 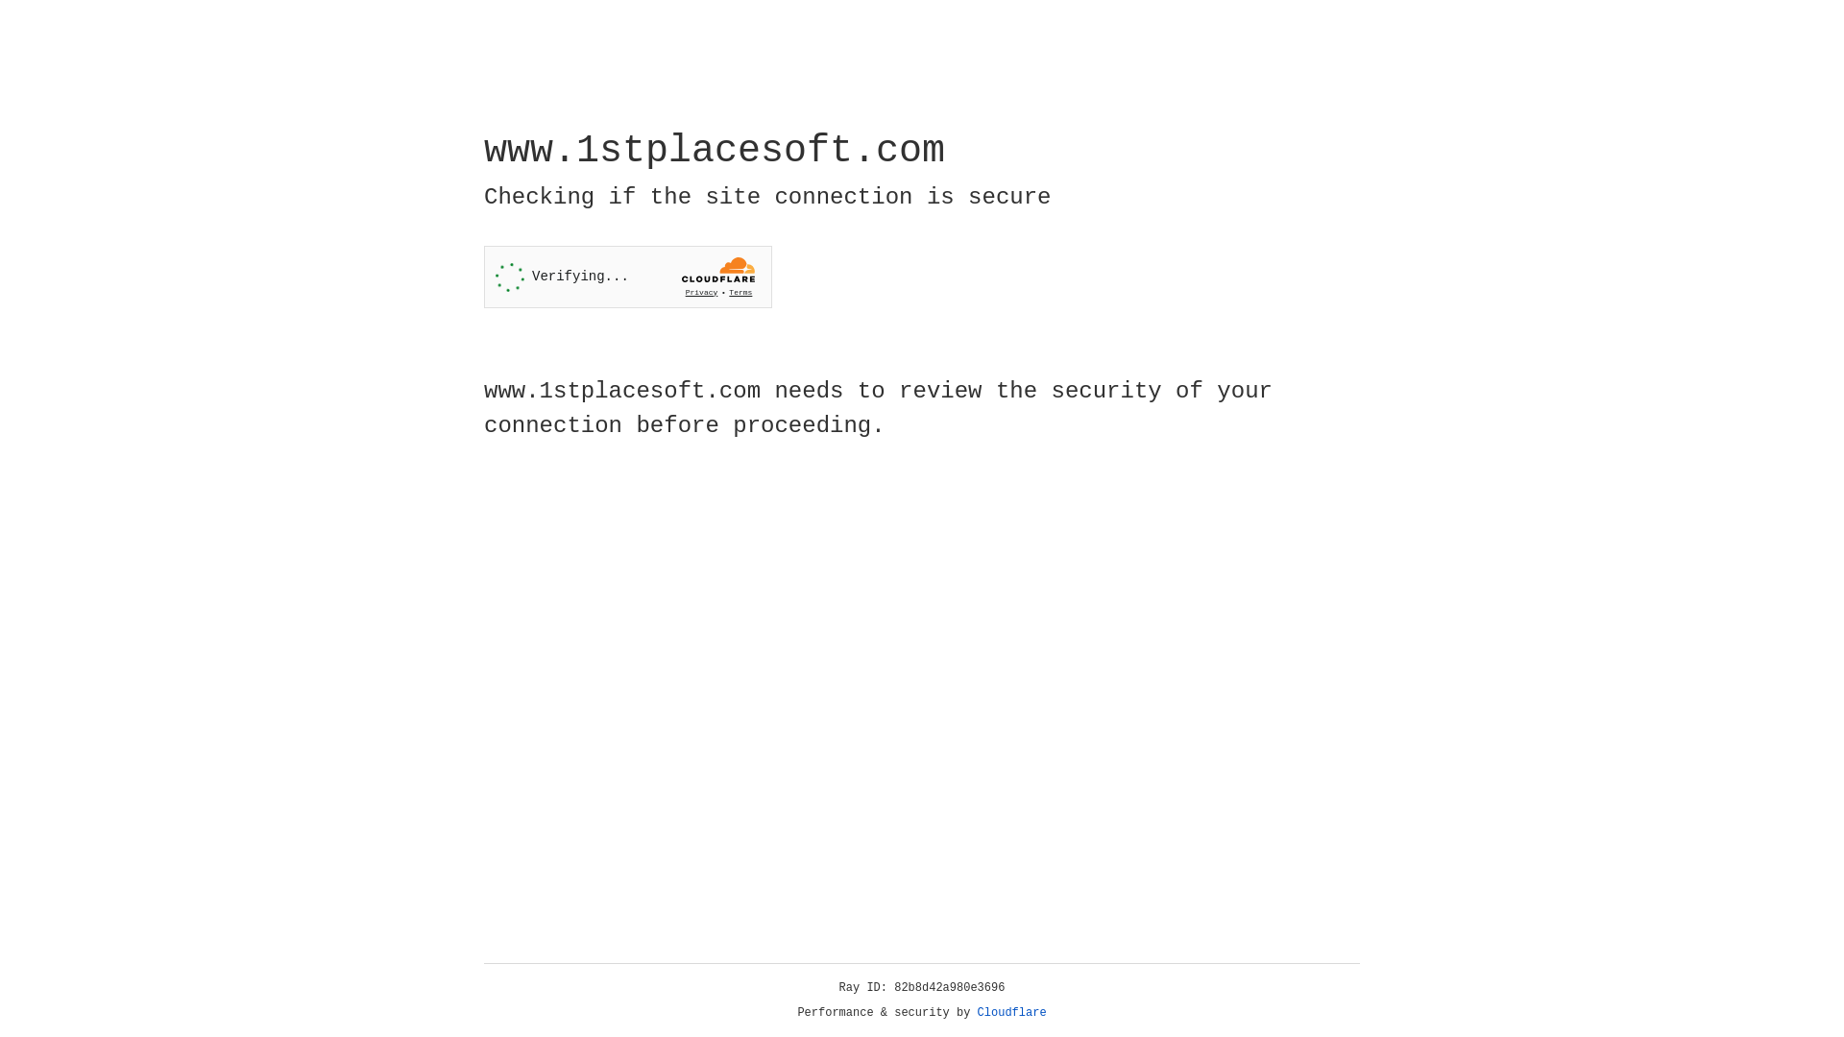 I want to click on 'Cloudflare', so click(x=1011, y=1012).